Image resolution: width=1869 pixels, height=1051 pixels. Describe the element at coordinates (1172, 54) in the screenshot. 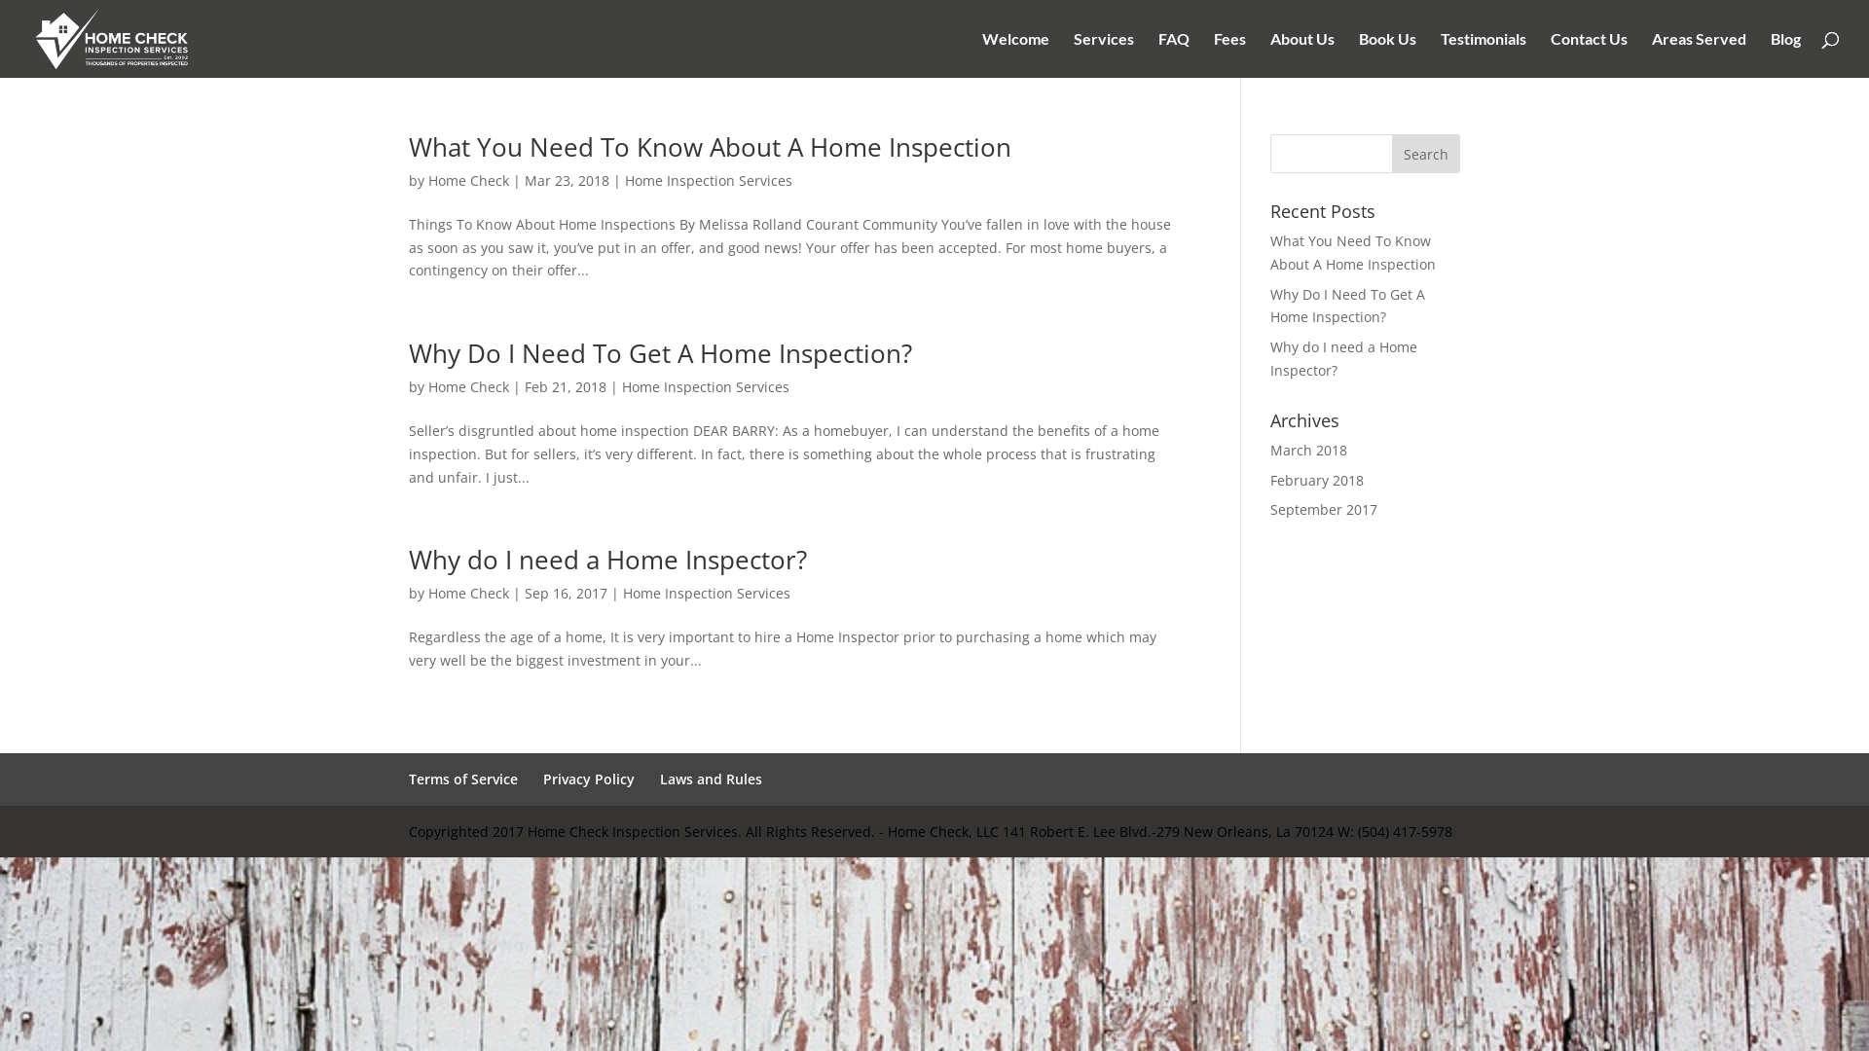

I see `'FAQ'` at that location.